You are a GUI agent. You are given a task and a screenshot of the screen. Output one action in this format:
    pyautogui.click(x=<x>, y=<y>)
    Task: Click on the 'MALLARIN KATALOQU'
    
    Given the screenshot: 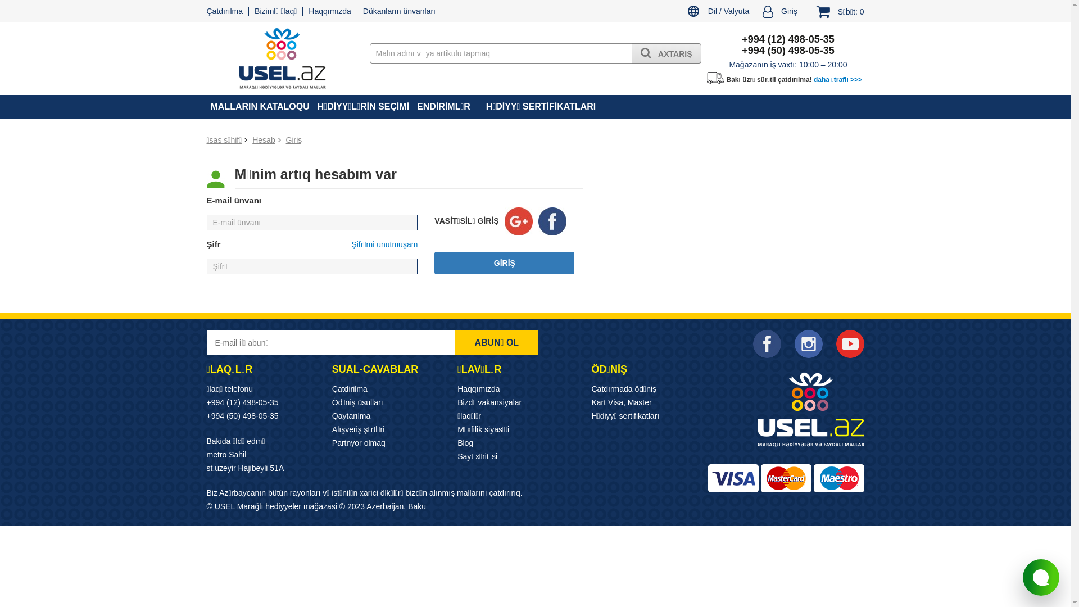 What is the action you would take?
    pyautogui.click(x=259, y=106)
    